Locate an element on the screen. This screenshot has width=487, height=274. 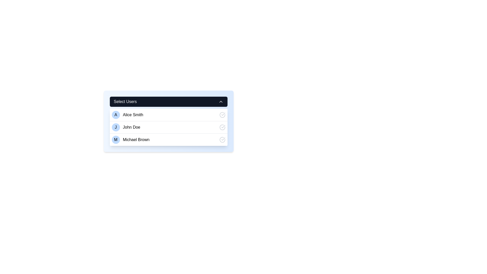
the circular icon with a checkmark located at the far-right side of the row labeled 'John Doe' in the 'Select Users' panel is located at coordinates (222, 127).